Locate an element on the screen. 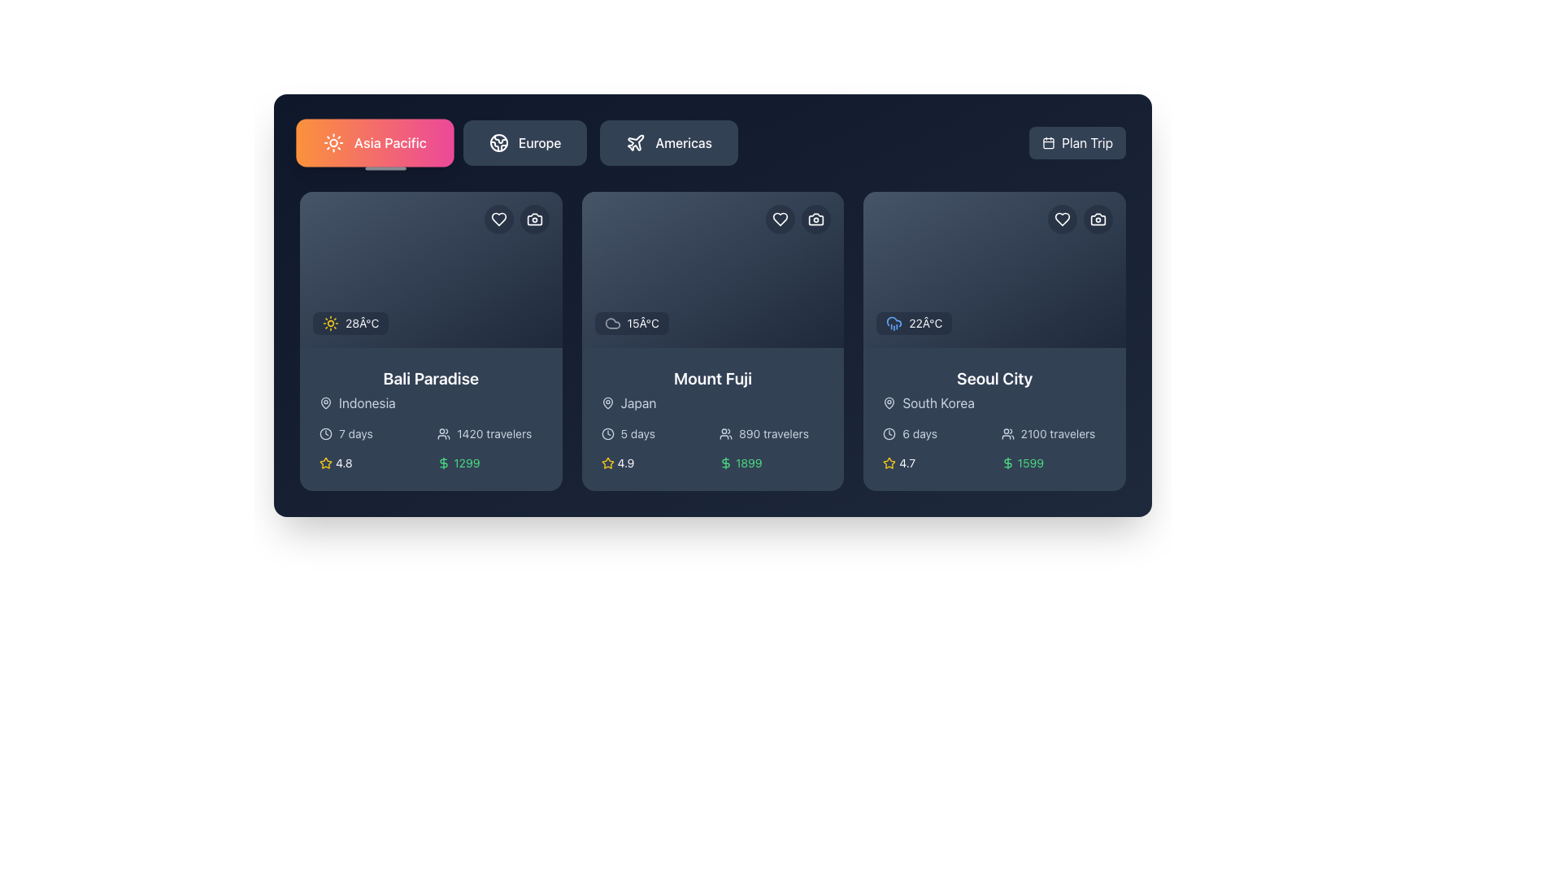 The width and height of the screenshot is (1561, 878). the camera-themed icon button located at the top corner of the 'Mount Fuji' destination card is located at coordinates (816, 219).